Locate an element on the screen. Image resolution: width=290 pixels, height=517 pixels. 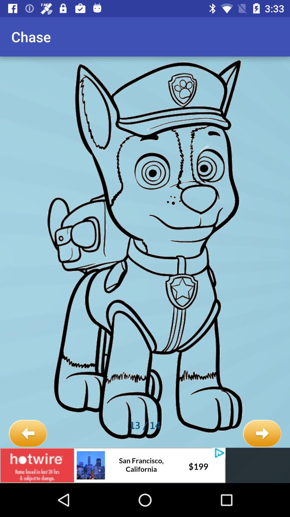
item to the right of the 13 / 14 item is located at coordinates (262, 434).